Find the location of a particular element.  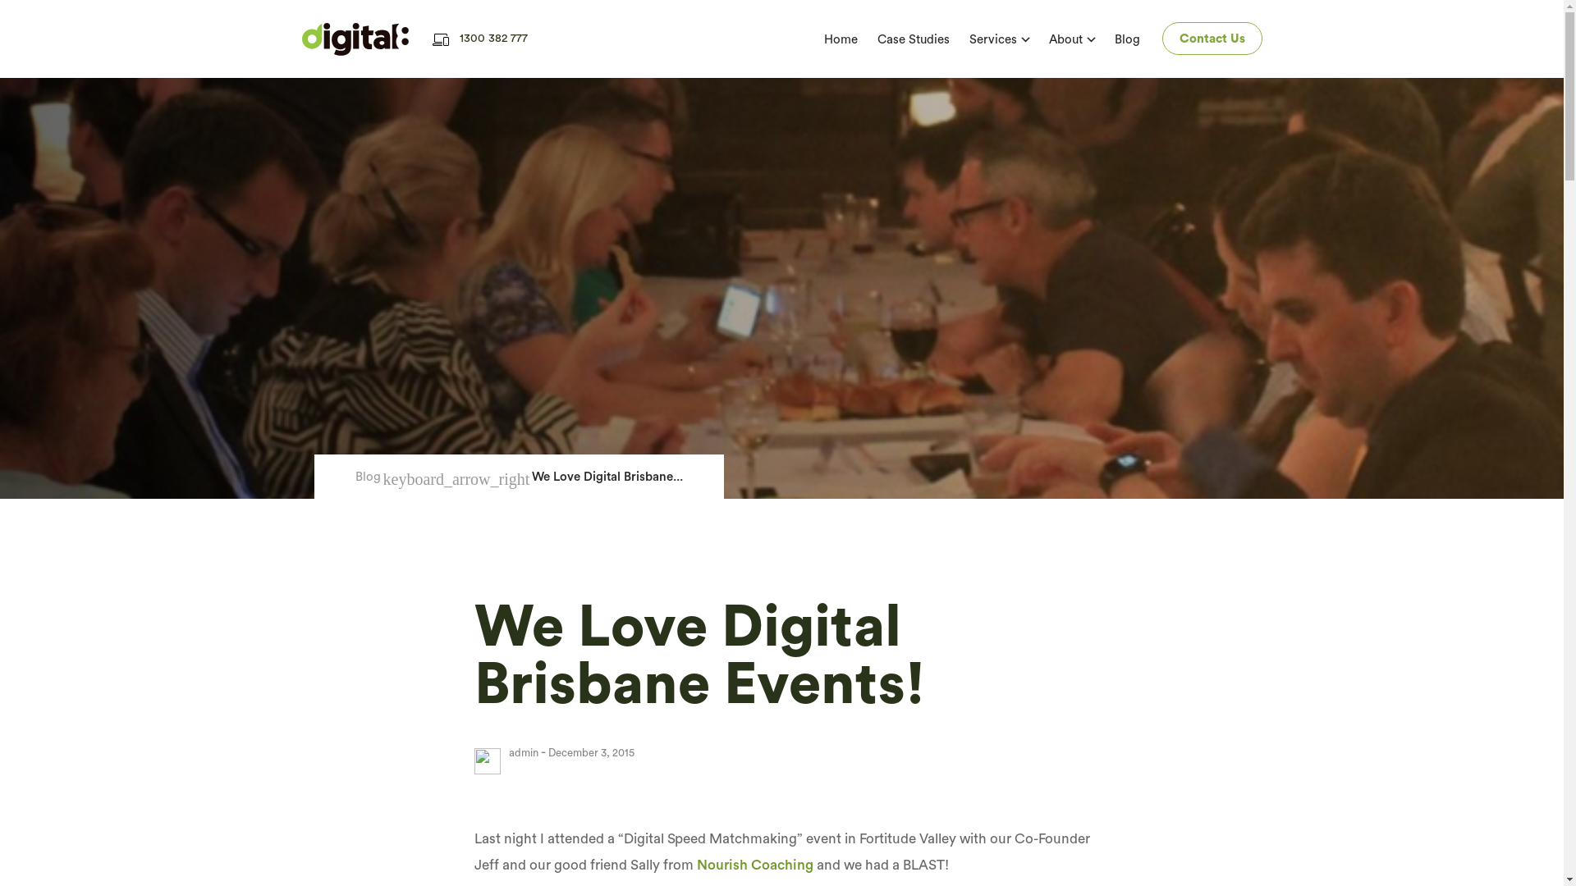

'Home' is located at coordinates (841, 38).